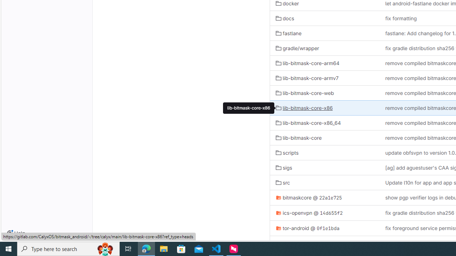 This screenshot has width=456, height=256. Describe the element at coordinates (305, 92) in the screenshot. I see `'lib-bitmask-core-web'` at that location.